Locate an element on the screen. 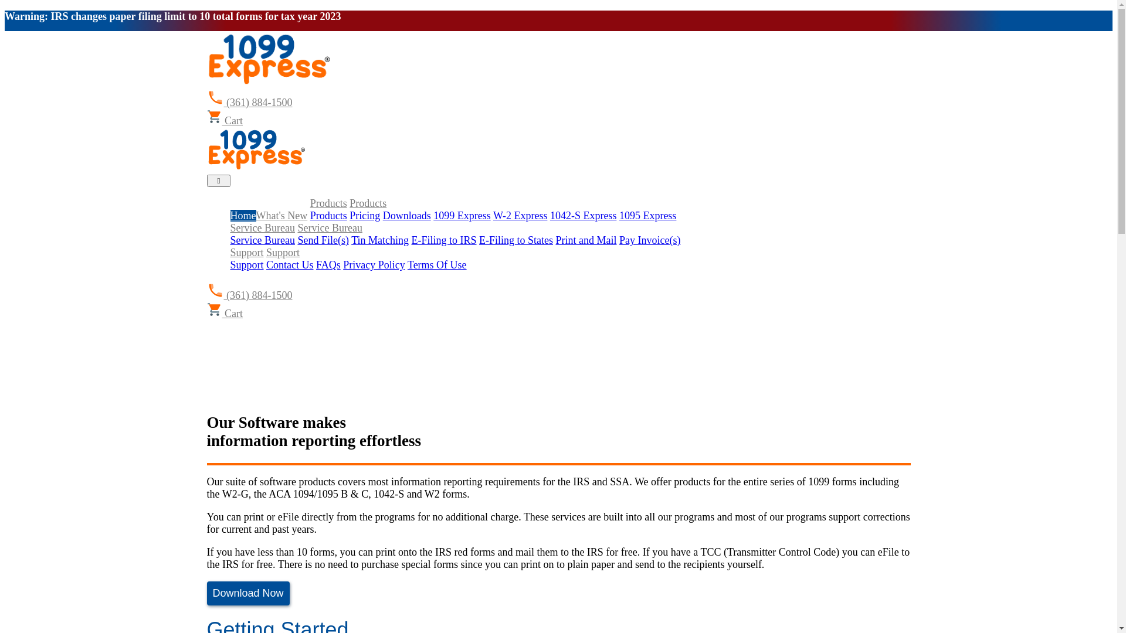  'Print and Mail' is located at coordinates (586, 239).